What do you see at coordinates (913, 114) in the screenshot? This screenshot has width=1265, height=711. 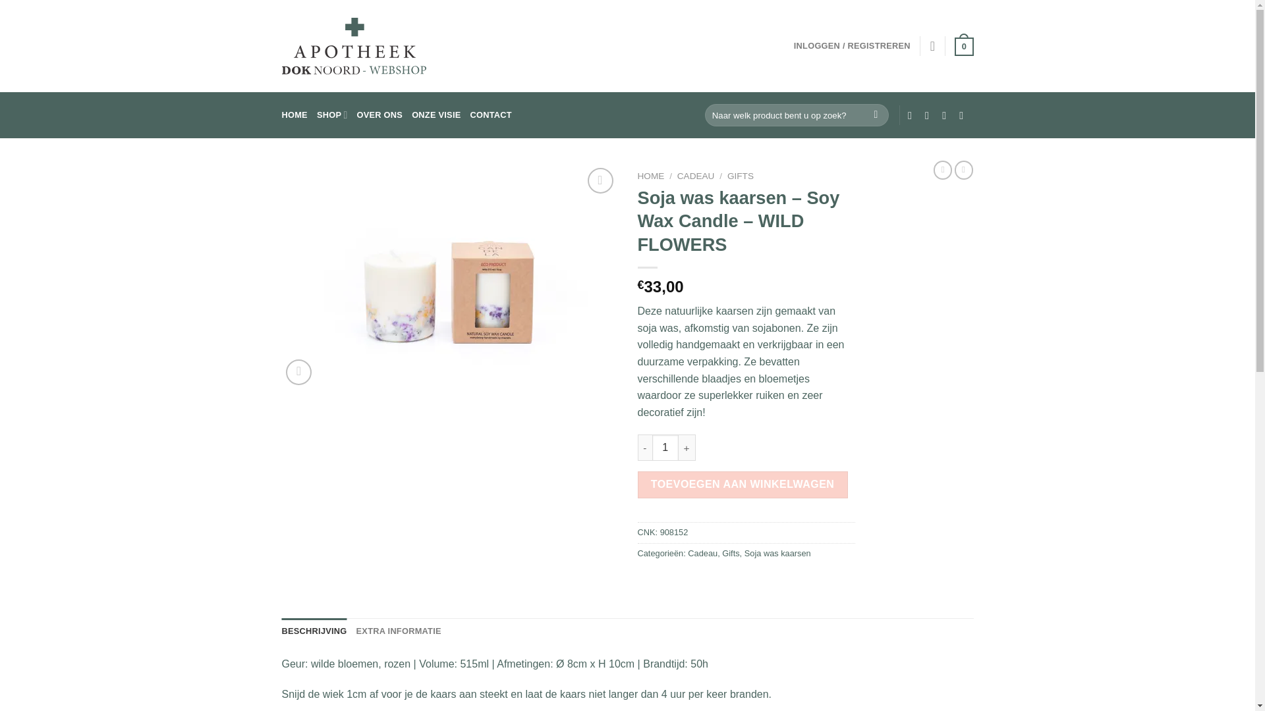 I see `'Volg ons op Facebook'` at bounding box center [913, 114].